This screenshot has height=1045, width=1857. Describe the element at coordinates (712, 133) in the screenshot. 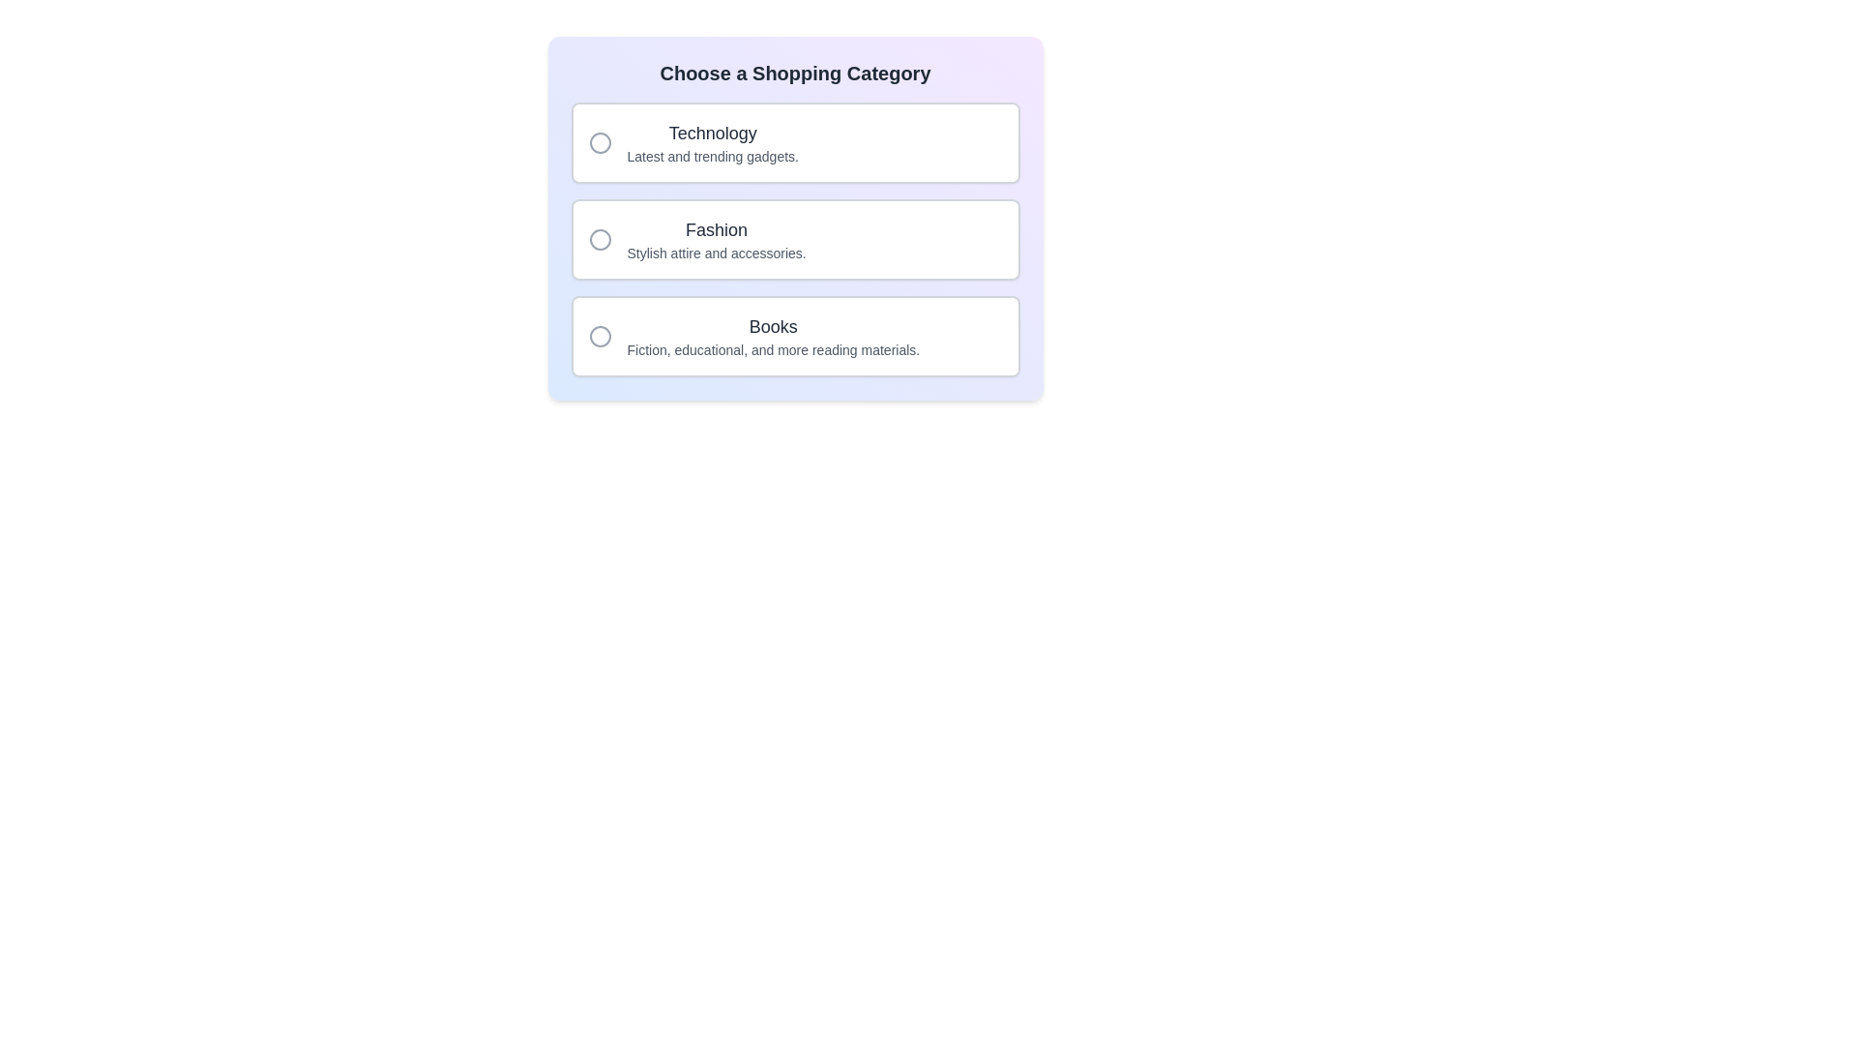

I see `'Technology' category title text label located in the middle-left portion of its containing card under 'Choose a Shopping Category'` at that location.